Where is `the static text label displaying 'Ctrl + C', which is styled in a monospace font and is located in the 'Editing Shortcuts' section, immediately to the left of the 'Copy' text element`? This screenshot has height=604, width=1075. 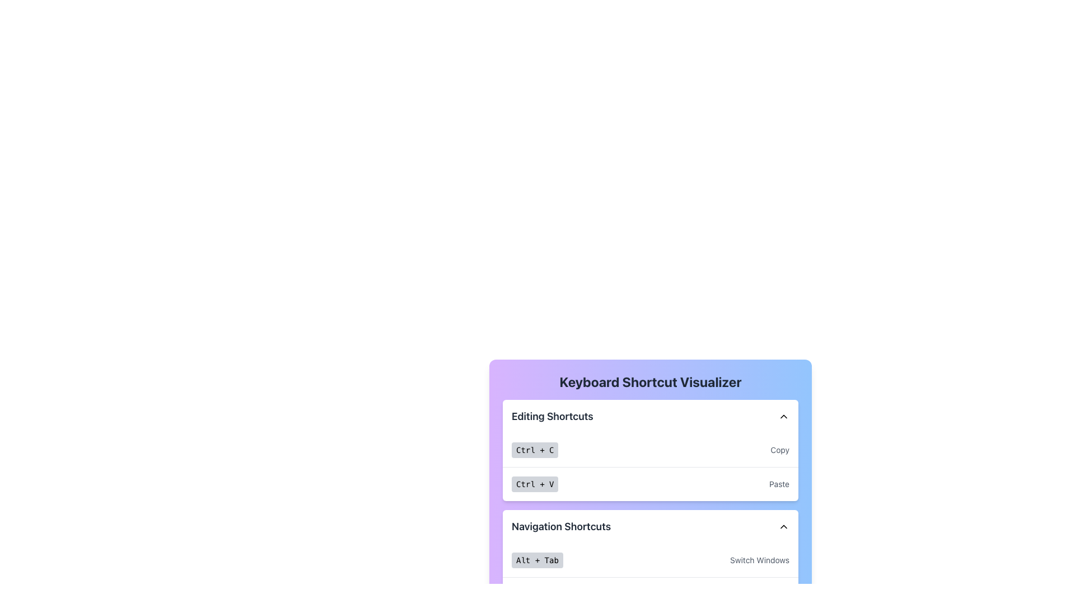
the static text label displaying 'Ctrl + C', which is styled in a monospace font and is located in the 'Editing Shortcuts' section, immediately to the left of the 'Copy' text element is located at coordinates (534, 450).